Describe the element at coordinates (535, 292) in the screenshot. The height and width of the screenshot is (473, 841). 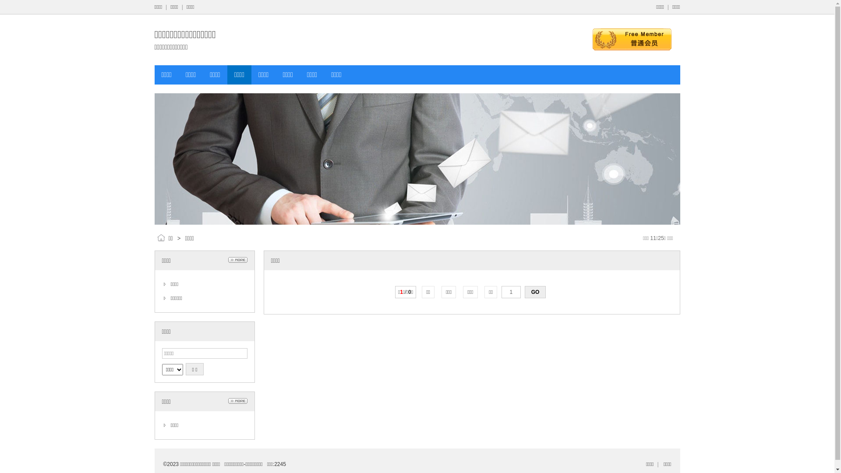
I see `'GO'` at that location.